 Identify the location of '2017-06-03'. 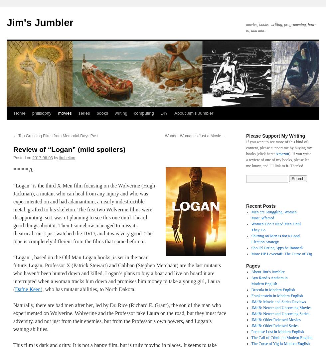
(42, 158).